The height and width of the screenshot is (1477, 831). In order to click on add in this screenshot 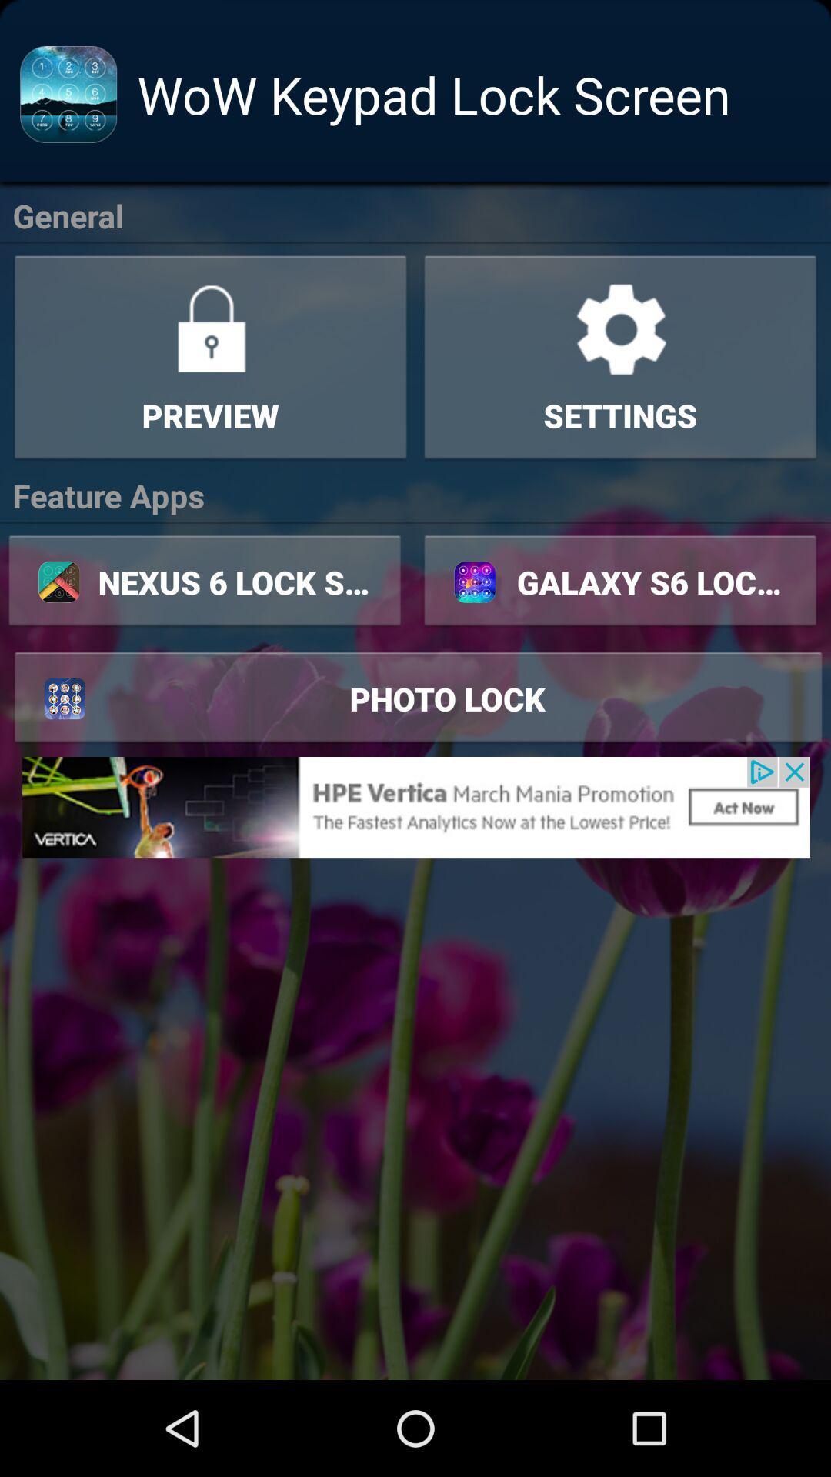, I will do `click(415, 806)`.